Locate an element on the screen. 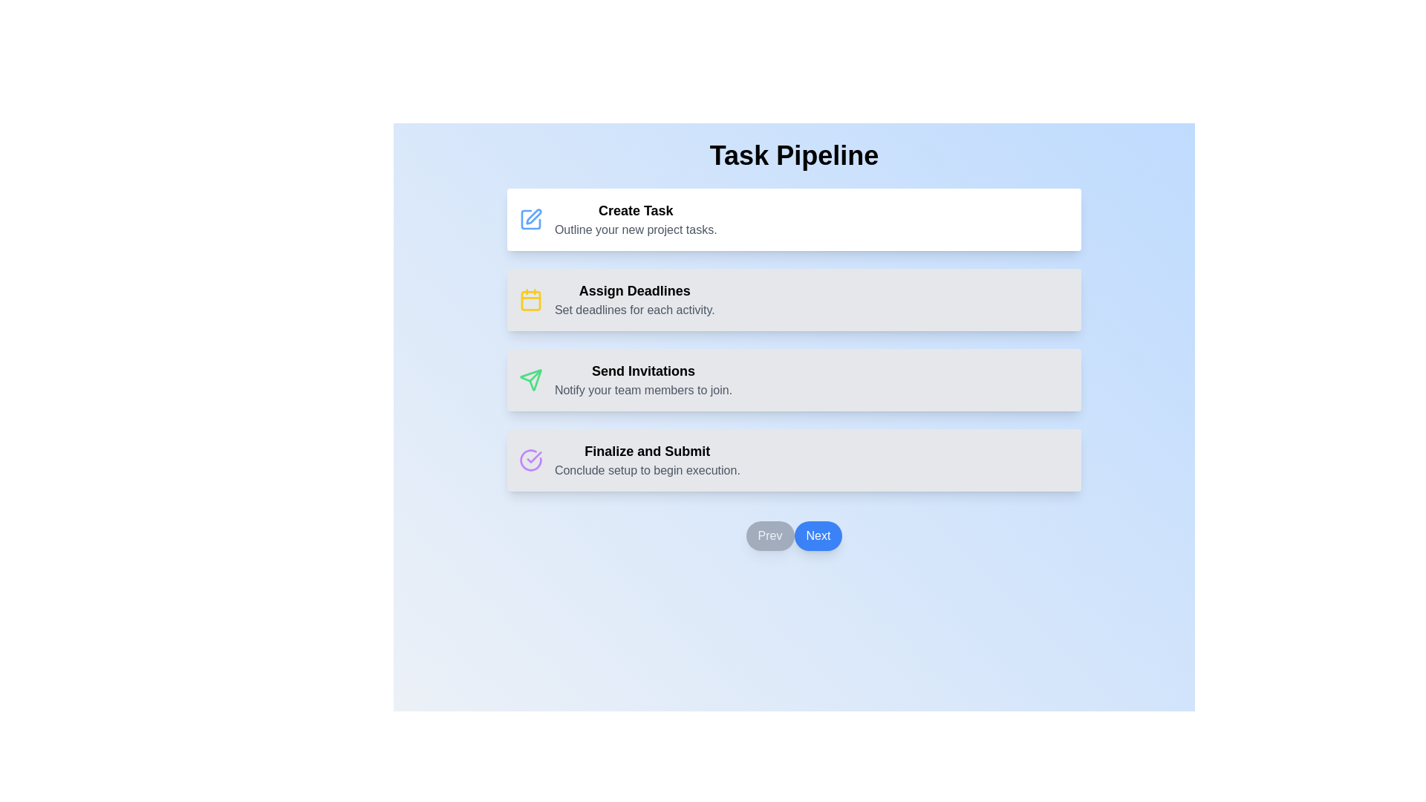 The height and width of the screenshot is (802, 1426). the 'Next' button, which is part of a button group with two buttons labeled 'Prev' and 'Next' is located at coordinates (793, 535).